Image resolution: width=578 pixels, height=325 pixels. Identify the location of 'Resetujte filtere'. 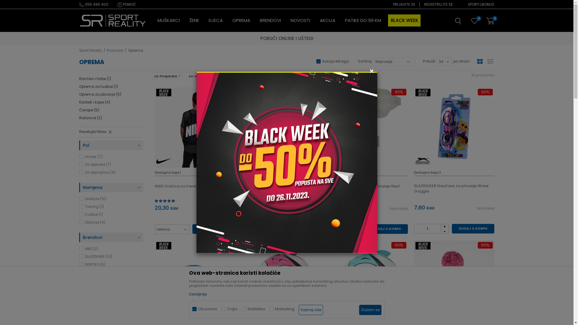
(79, 132).